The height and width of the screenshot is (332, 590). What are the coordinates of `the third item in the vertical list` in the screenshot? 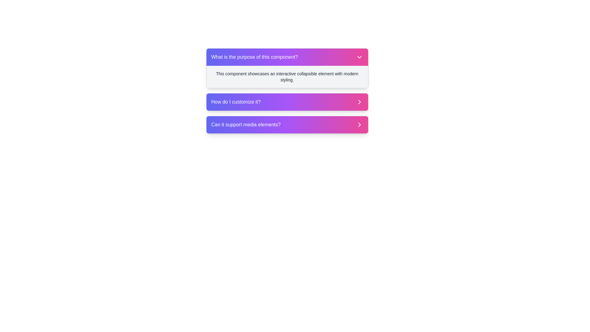 It's located at (287, 124).